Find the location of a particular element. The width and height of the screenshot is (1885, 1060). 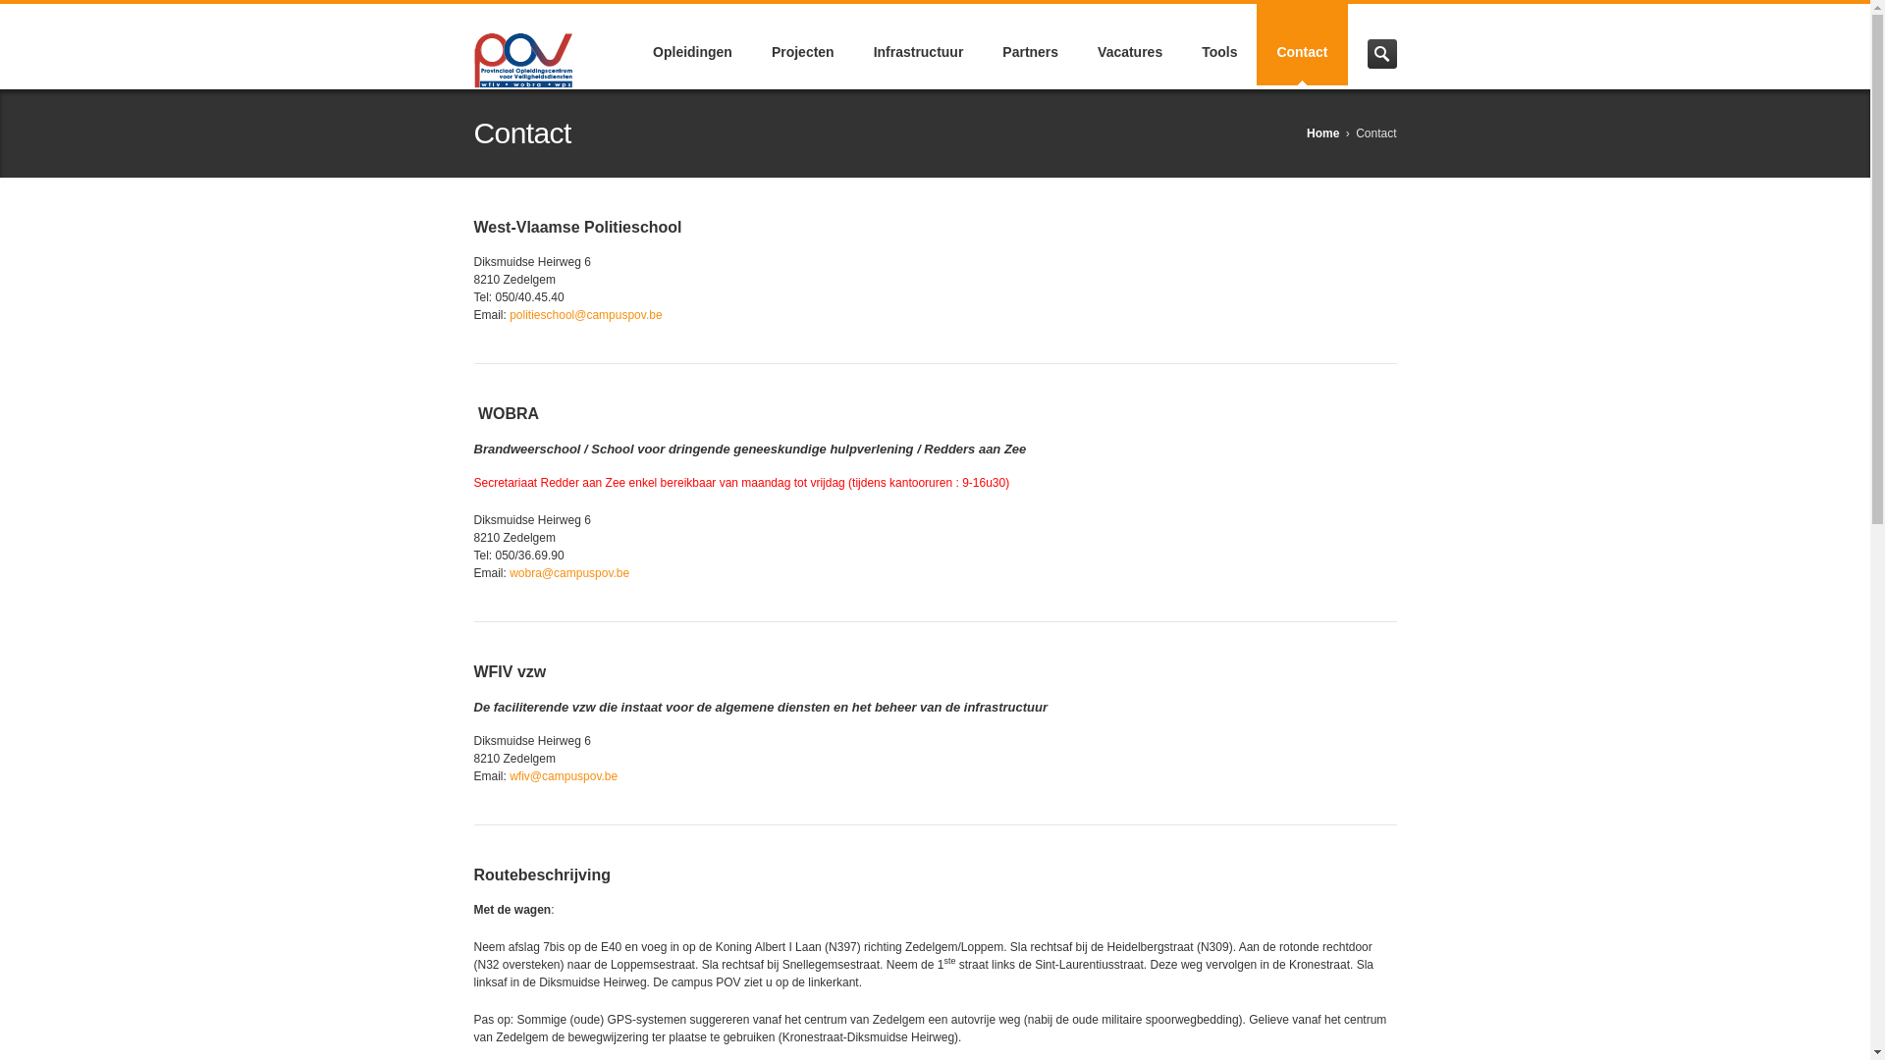

'Tools' is located at coordinates (1218, 44).